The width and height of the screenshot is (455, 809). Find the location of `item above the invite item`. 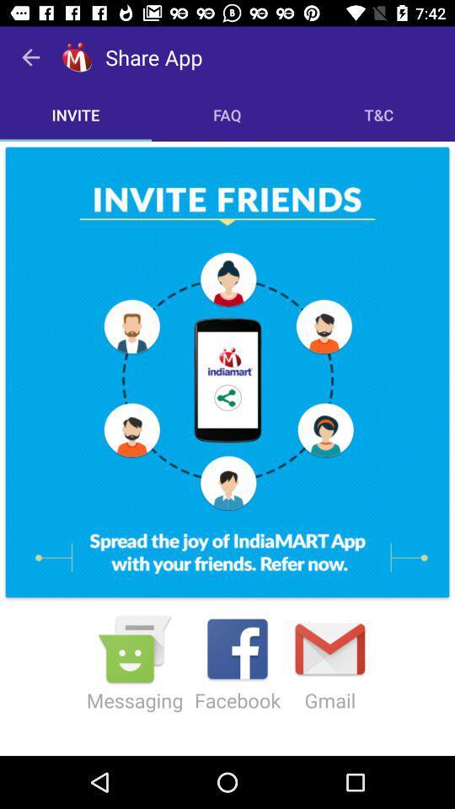

item above the invite item is located at coordinates (30, 57).